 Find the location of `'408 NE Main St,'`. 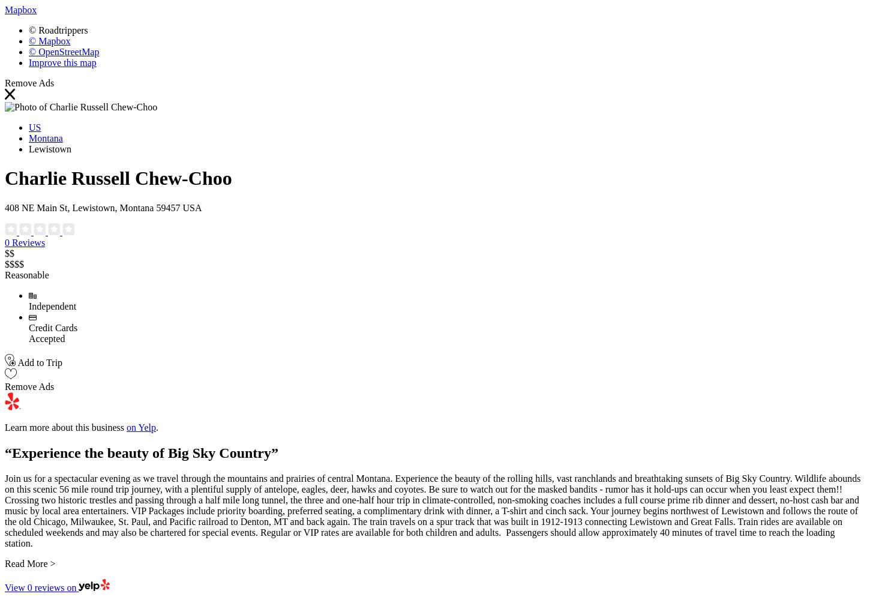

'408 NE Main St,' is located at coordinates (37, 207).